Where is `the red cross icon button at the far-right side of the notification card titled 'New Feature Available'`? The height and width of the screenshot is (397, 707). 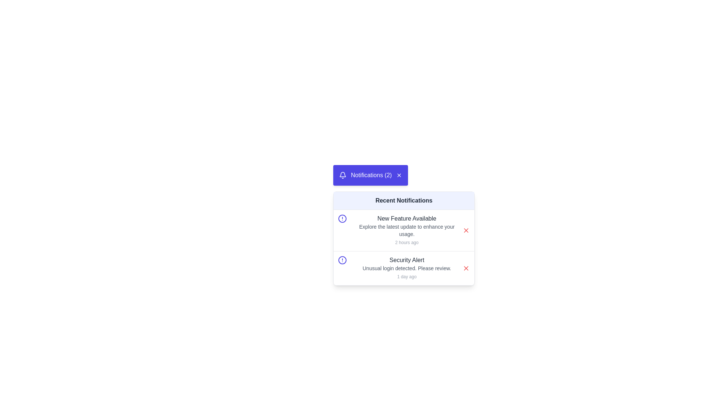
the red cross icon button at the far-right side of the notification card titled 'New Feature Available' is located at coordinates (466, 230).